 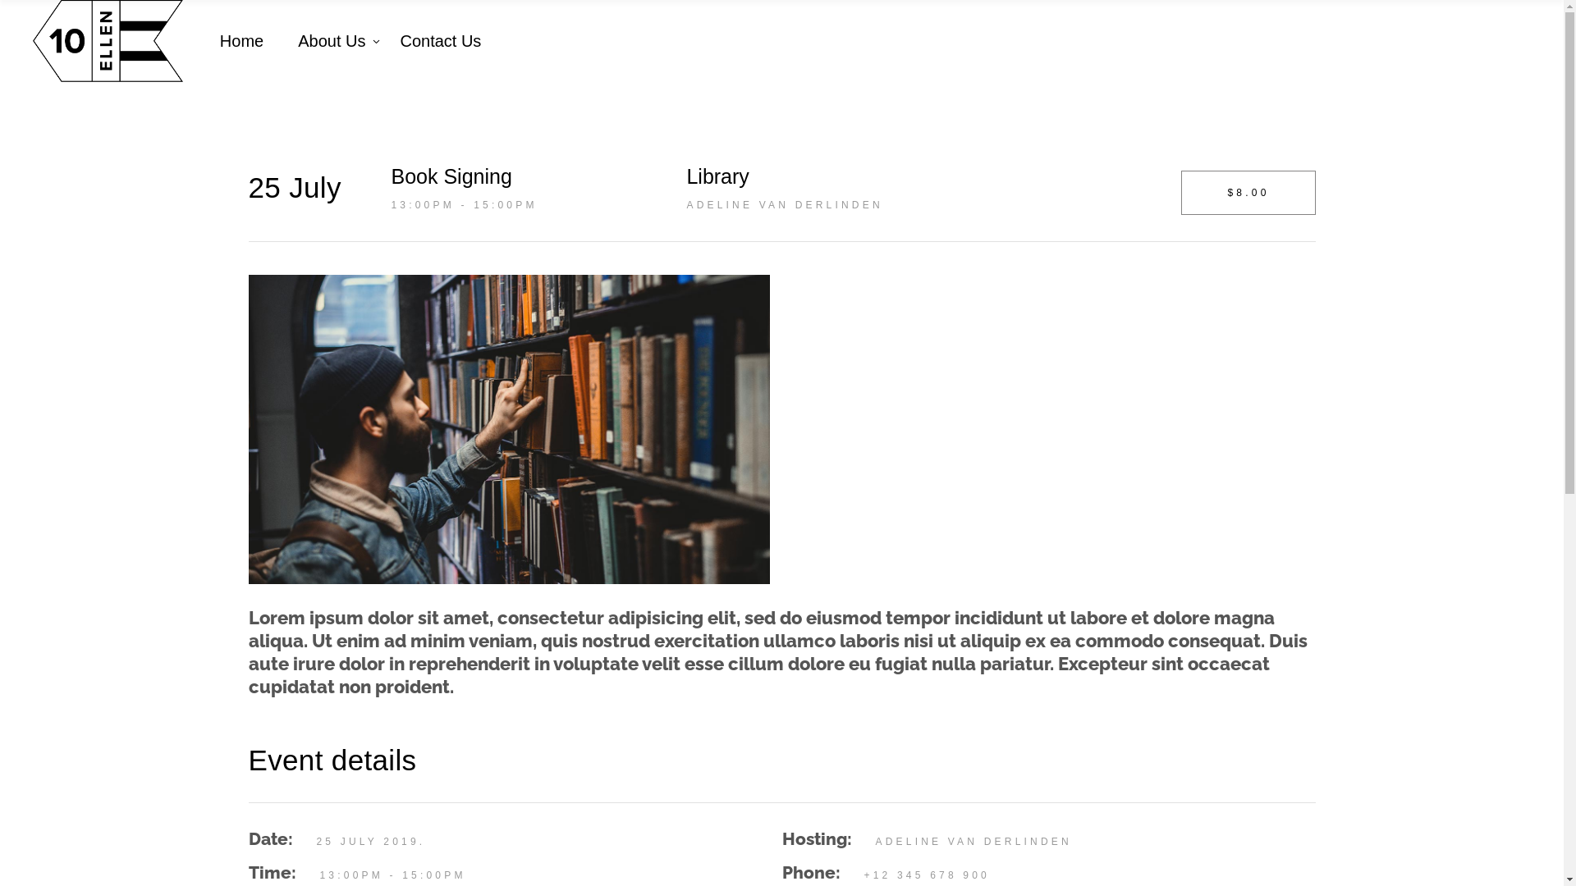 What do you see at coordinates (926, 875) in the screenshot?
I see `'+12 345 678 900'` at bounding box center [926, 875].